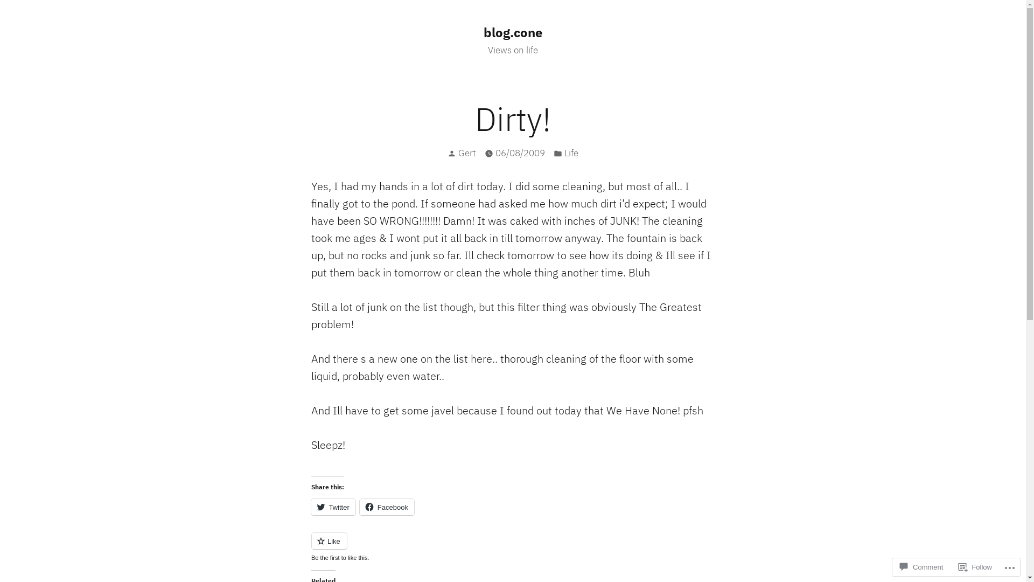 The image size is (1034, 582). What do you see at coordinates (387, 507) in the screenshot?
I see `'Facebook'` at bounding box center [387, 507].